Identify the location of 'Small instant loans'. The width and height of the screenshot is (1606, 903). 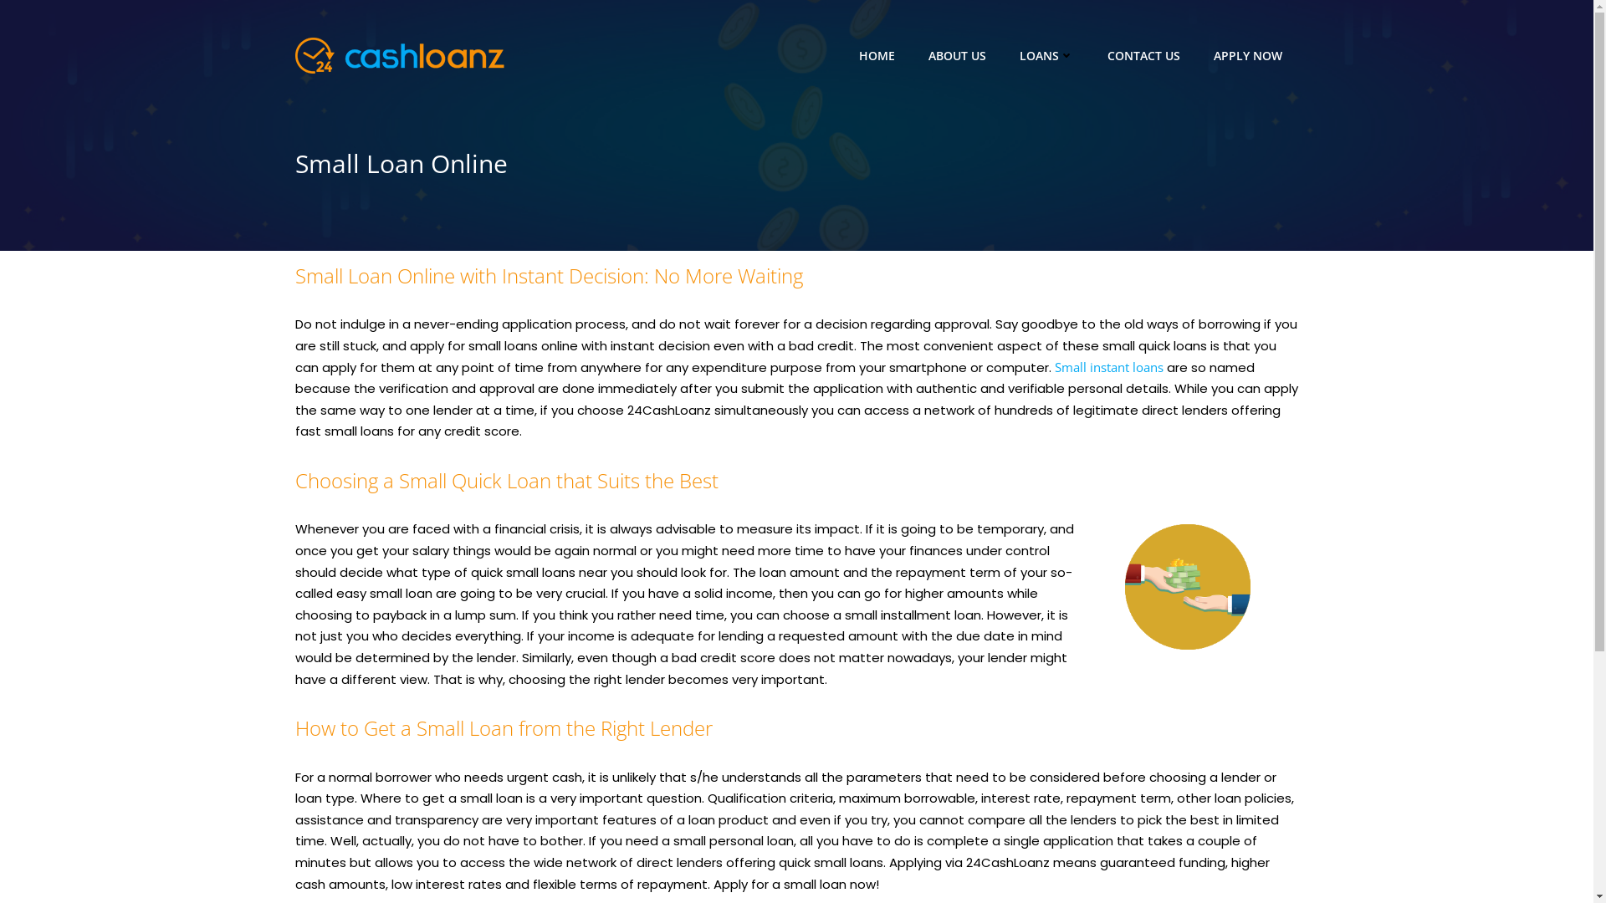
(1107, 366).